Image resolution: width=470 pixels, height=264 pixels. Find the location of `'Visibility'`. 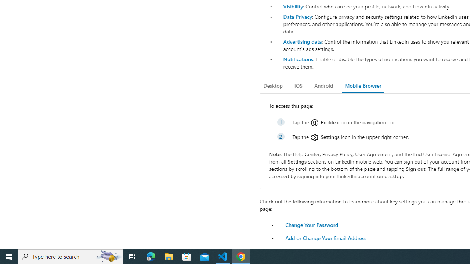

'Visibility' is located at coordinates (293, 6).